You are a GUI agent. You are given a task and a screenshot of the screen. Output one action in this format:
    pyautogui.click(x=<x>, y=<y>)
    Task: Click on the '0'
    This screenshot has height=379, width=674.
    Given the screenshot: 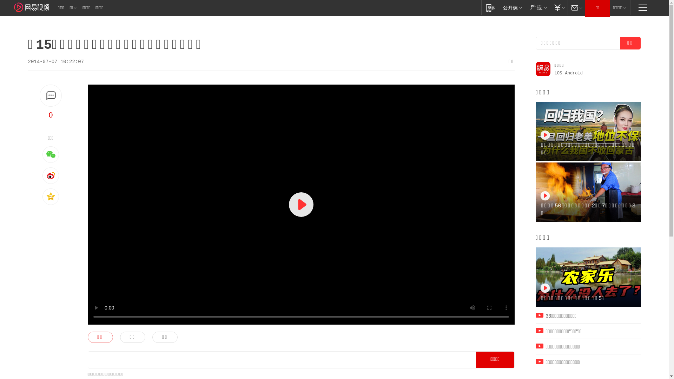 What is the action you would take?
    pyautogui.click(x=28, y=114)
    